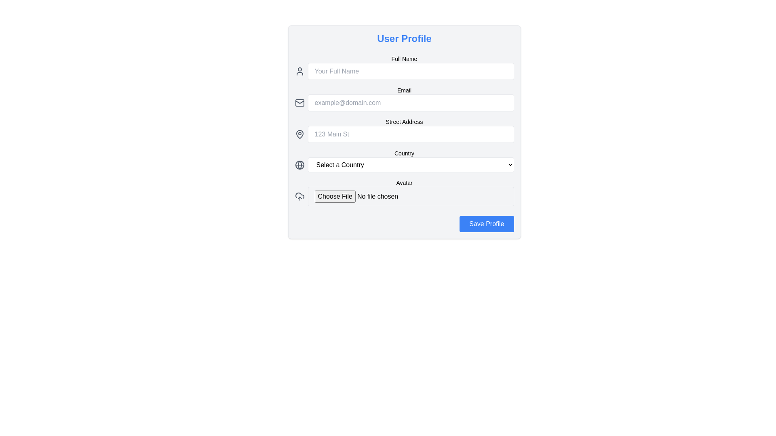  Describe the element at coordinates (299, 102) in the screenshot. I see `the mail icon, which is an outlined envelope located in the second row from the top, to the left of the 'Email' input field` at that location.